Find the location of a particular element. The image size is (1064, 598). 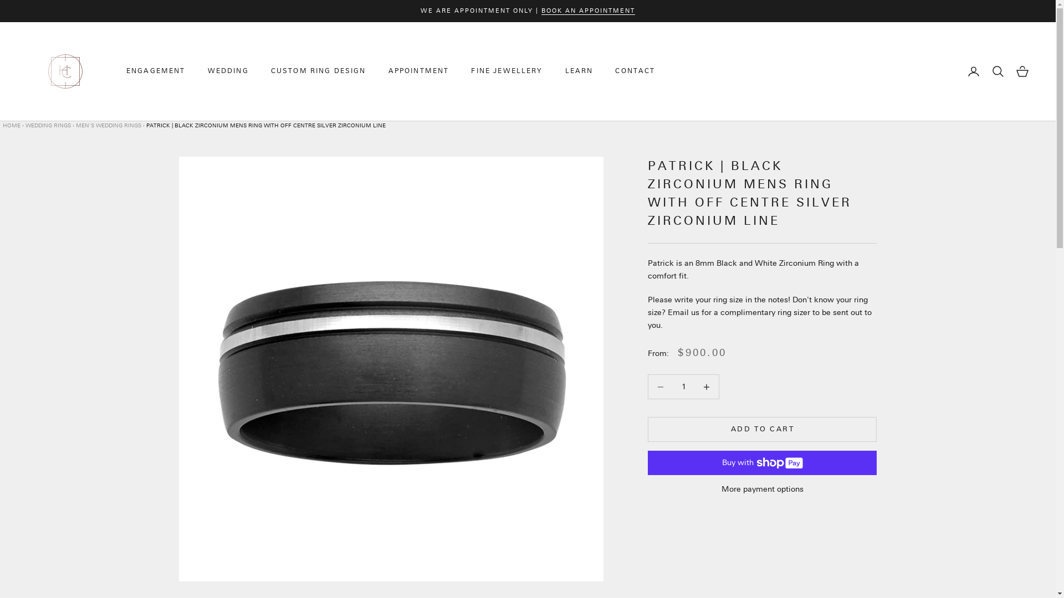

'Open account page' is located at coordinates (973, 71).